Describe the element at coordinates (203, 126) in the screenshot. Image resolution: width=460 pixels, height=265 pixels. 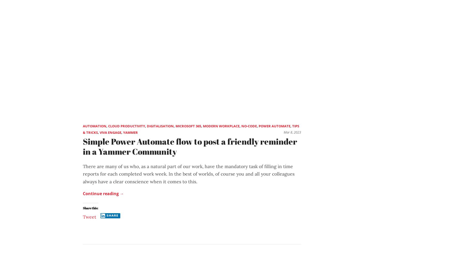
I see `'Modern Workplace'` at that location.